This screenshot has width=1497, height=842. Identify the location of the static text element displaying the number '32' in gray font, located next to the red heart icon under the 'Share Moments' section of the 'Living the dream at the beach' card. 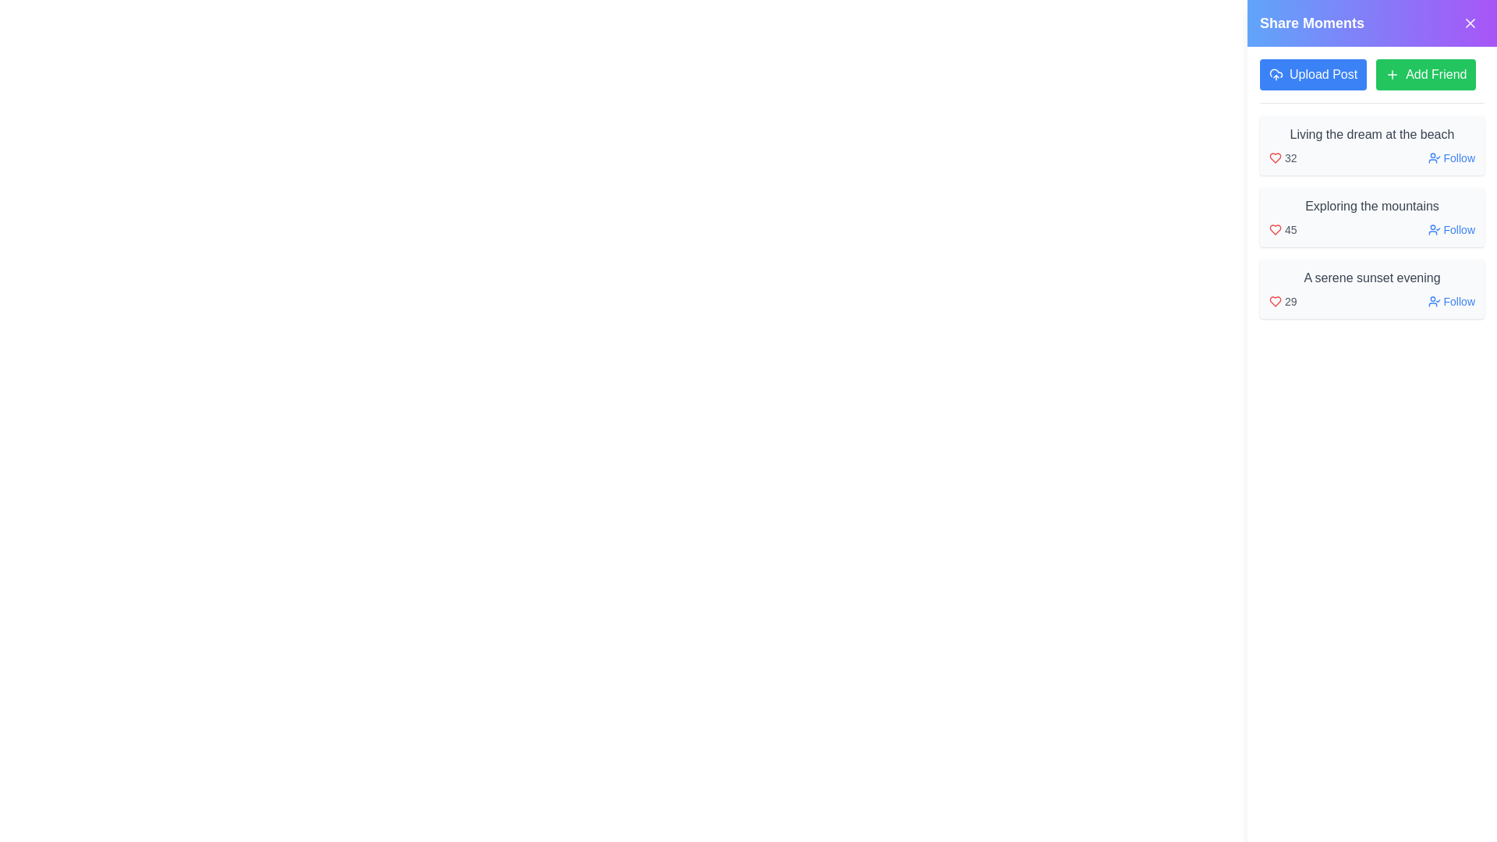
(1290, 158).